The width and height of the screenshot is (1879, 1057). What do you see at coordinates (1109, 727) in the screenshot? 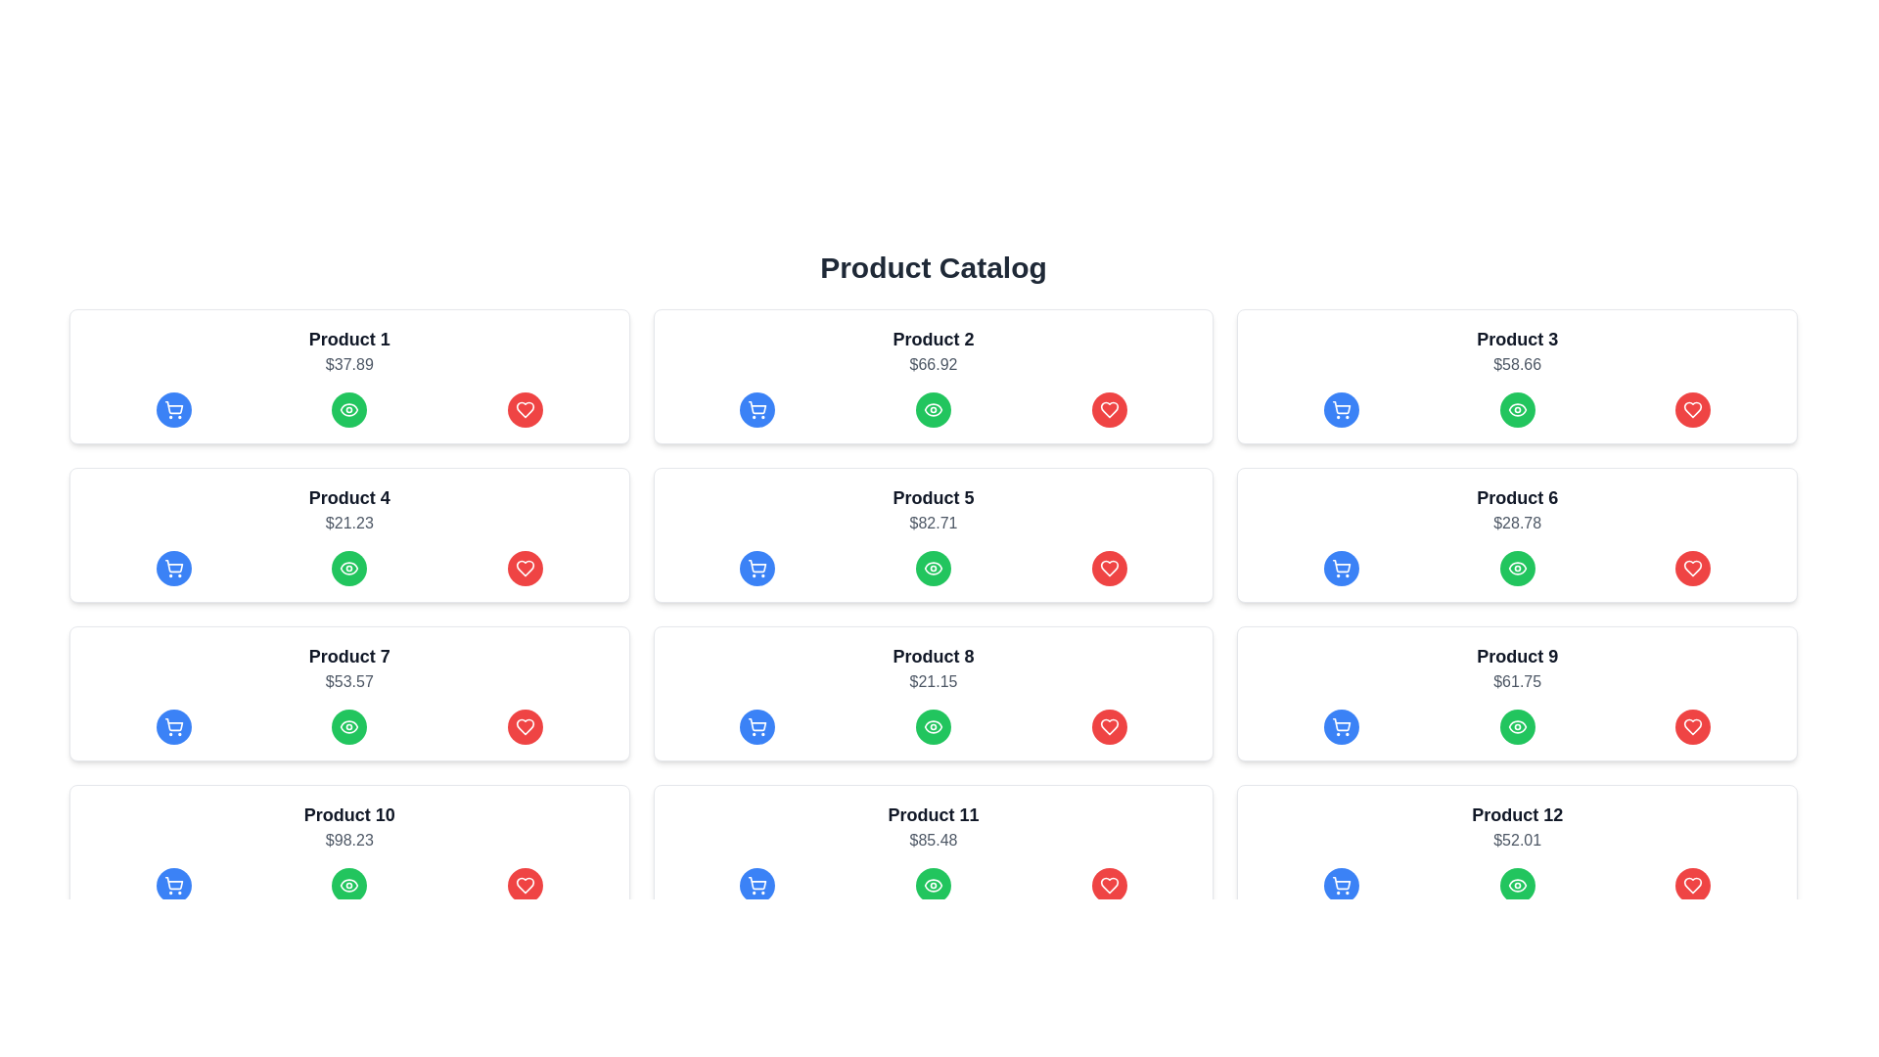
I see `the favorite icon located in the rightmost section of the card for 'Product 8' priced at '$21.15' to mark it as a favorite` at bounding box center [1109, 727].